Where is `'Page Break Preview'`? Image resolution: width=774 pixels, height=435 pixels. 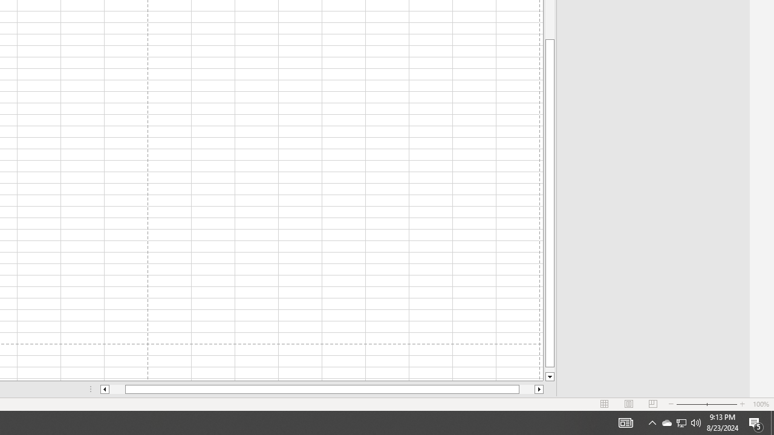
'Page Break Preview' is located at coordinates (652, 404).